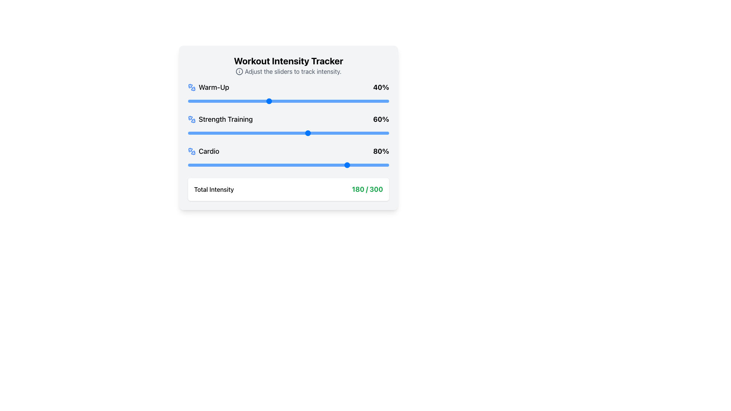 Image resolution: width=731 pixels, height=411 pixels. What do you see at coordinates (319, 165) in the screenshot?
I see `the cardio intensity slider` at bounding box center [319, 165].